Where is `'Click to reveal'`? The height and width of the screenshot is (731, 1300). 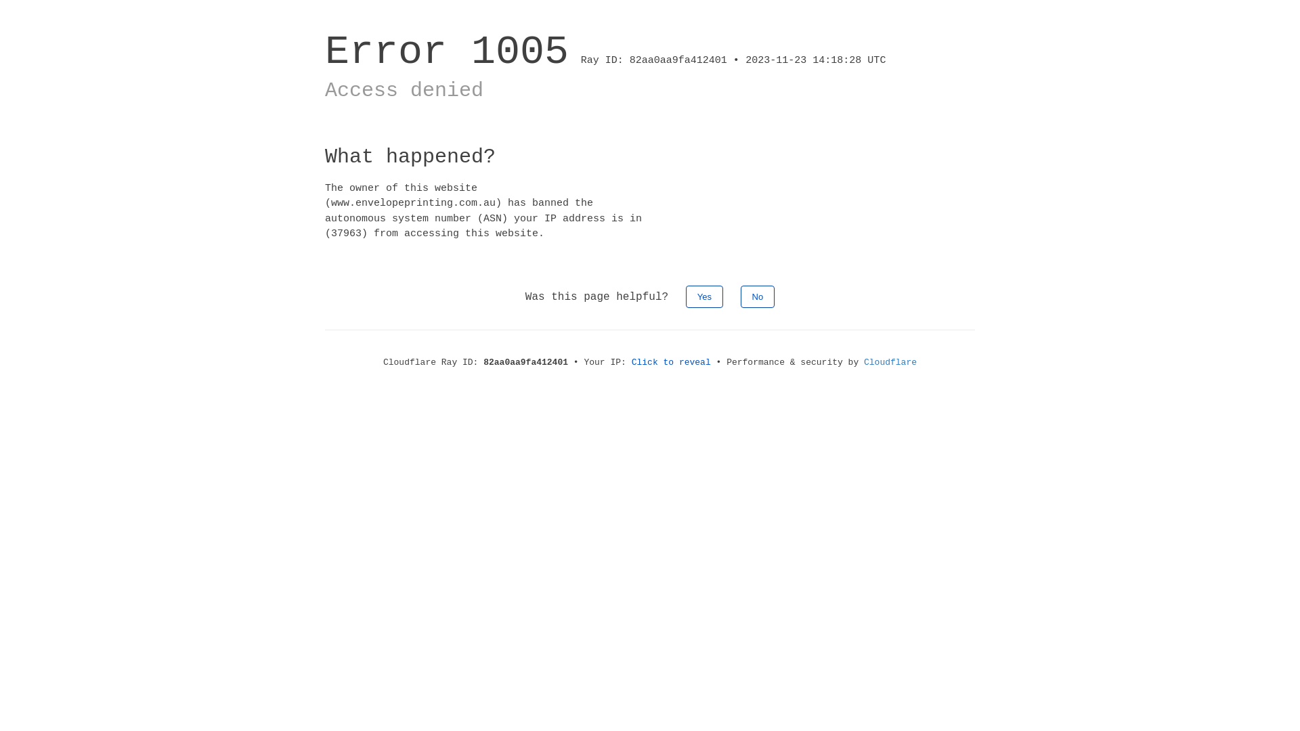 'Click to reveal' is located at coordinates (671, 361).